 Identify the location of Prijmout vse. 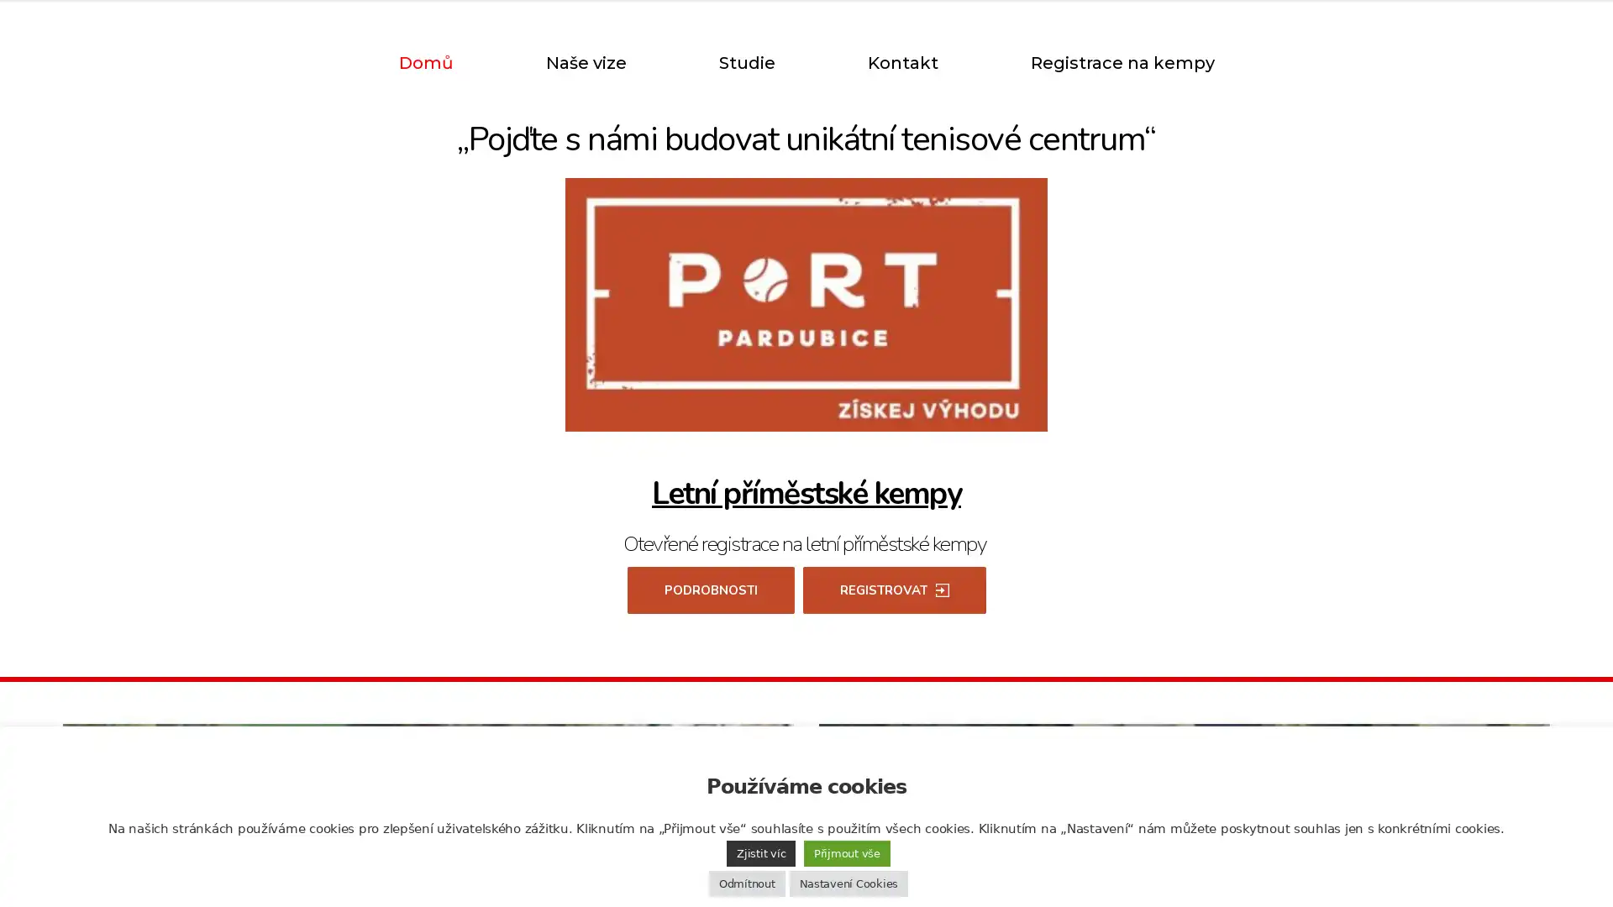
(847, 853).